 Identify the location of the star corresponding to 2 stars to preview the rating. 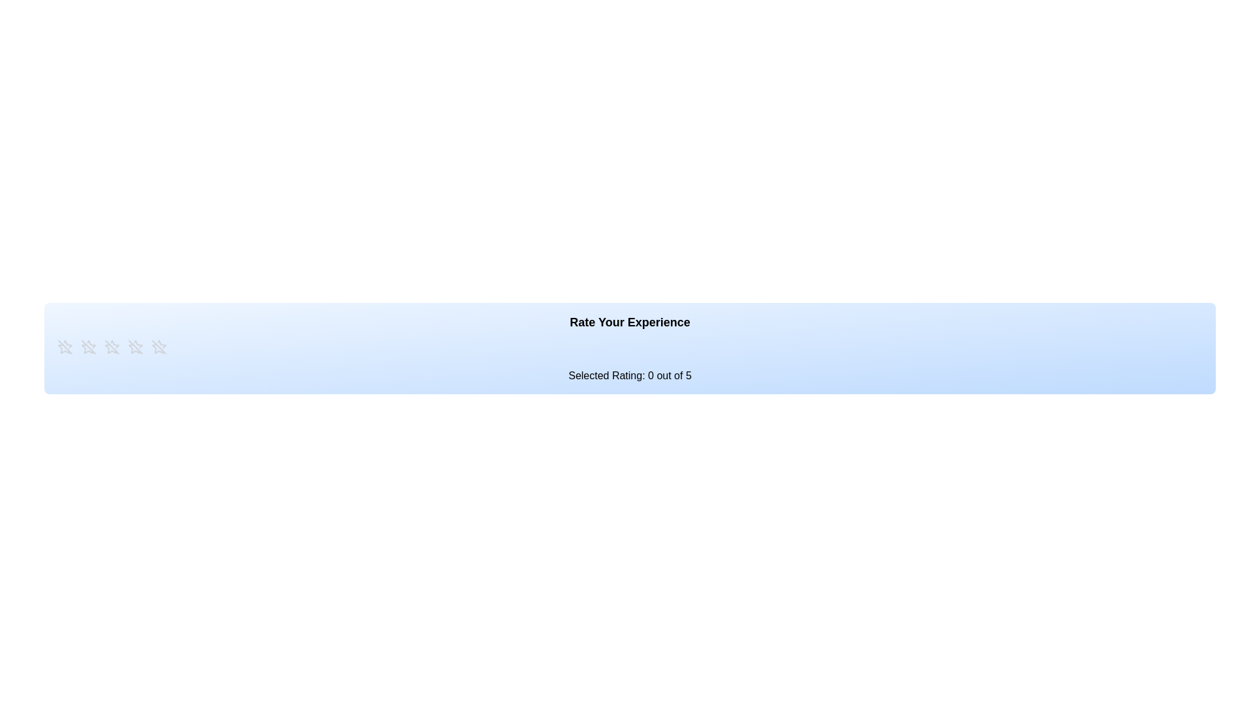
(87, 347).